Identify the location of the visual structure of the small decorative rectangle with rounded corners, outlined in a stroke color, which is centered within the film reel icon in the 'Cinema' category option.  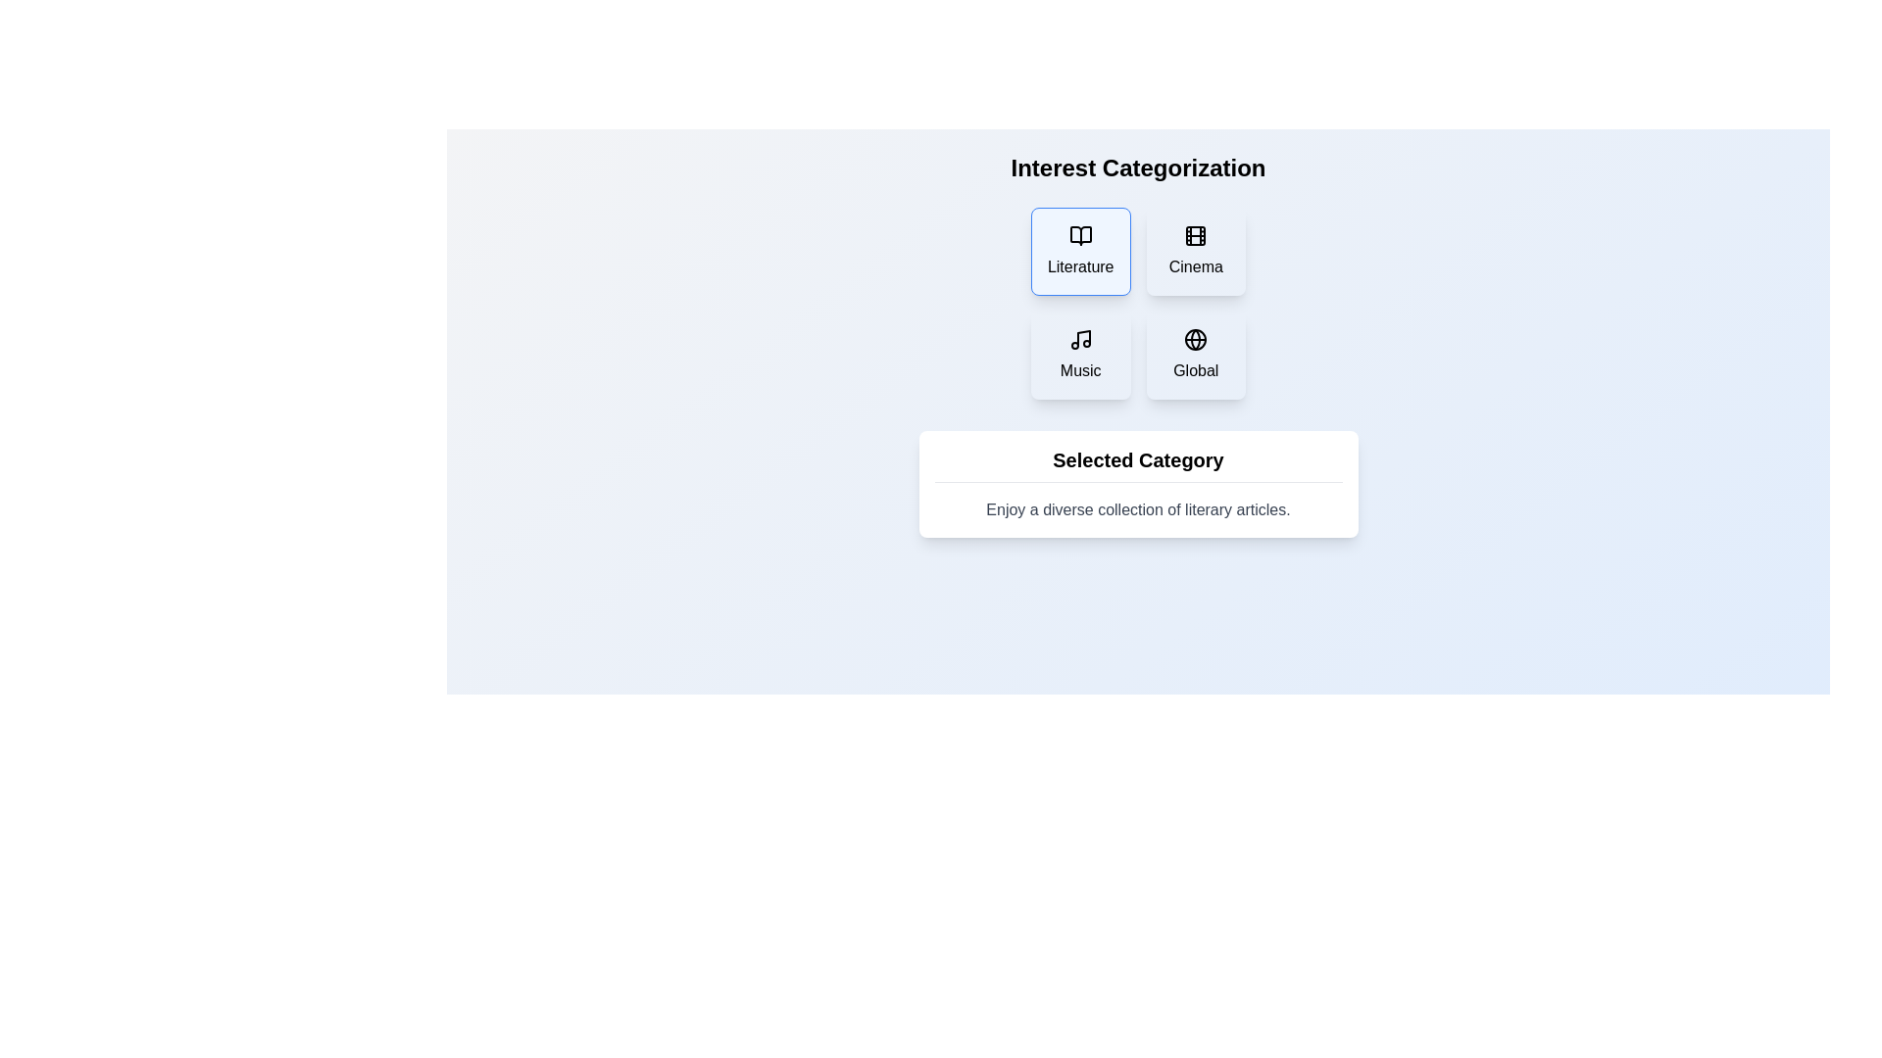
(1195, 234).